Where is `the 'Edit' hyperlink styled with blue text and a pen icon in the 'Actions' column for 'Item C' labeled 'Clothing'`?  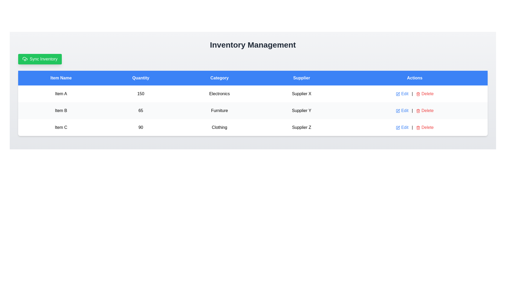
the 'Edit' hyperlink styled with blue text and a pen icon in the 'Actions' column for 'Item C' labeled 'Clothing' is located at coordinates (402, 128).